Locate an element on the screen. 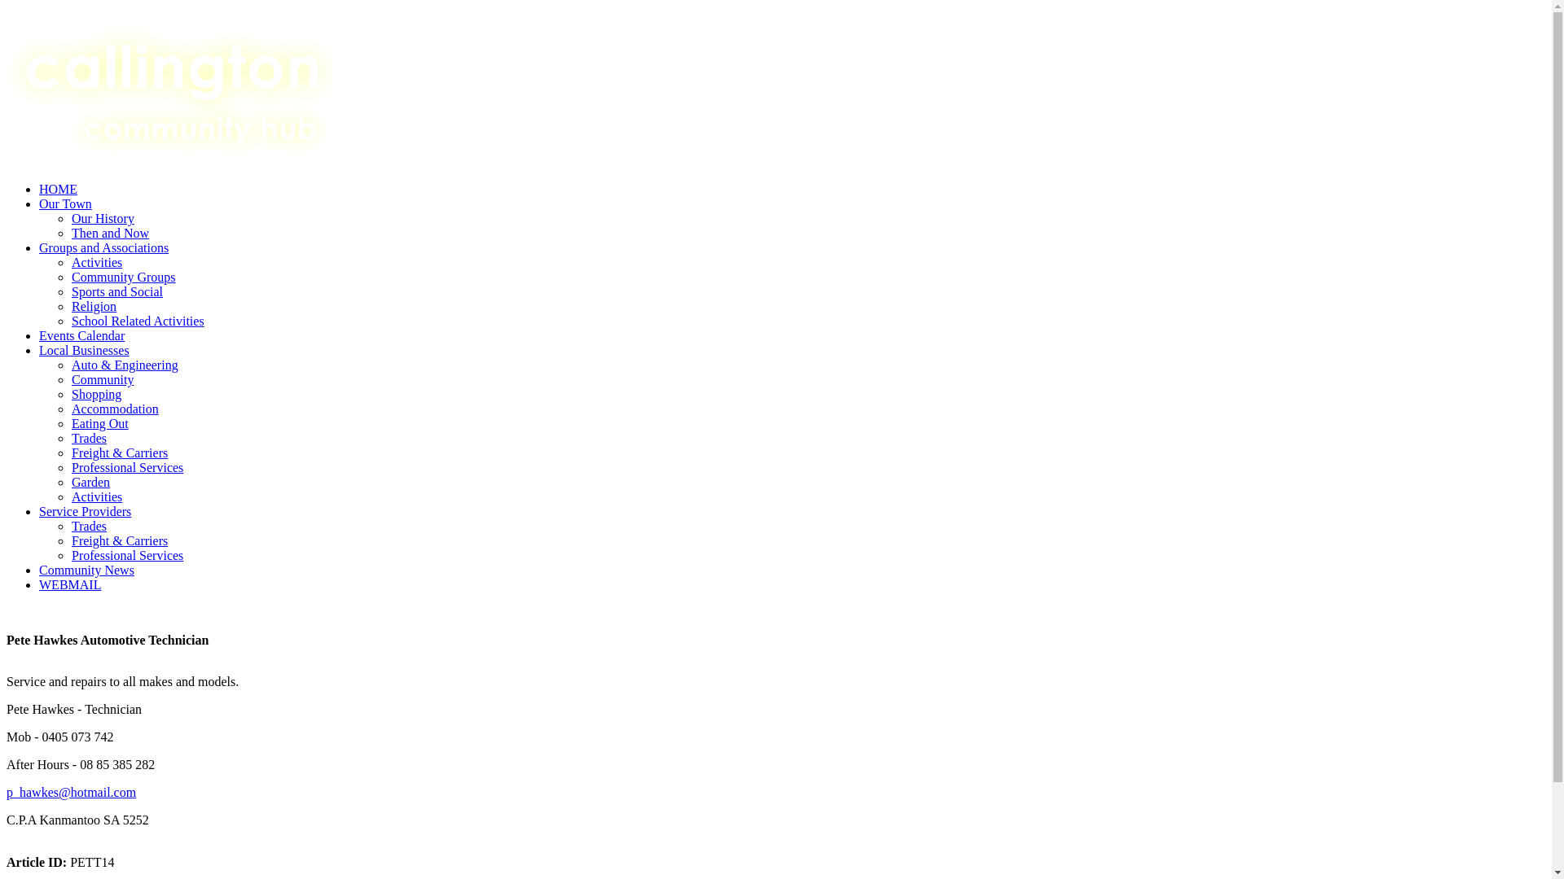  'Garden' is located at coordinates (70, 481).